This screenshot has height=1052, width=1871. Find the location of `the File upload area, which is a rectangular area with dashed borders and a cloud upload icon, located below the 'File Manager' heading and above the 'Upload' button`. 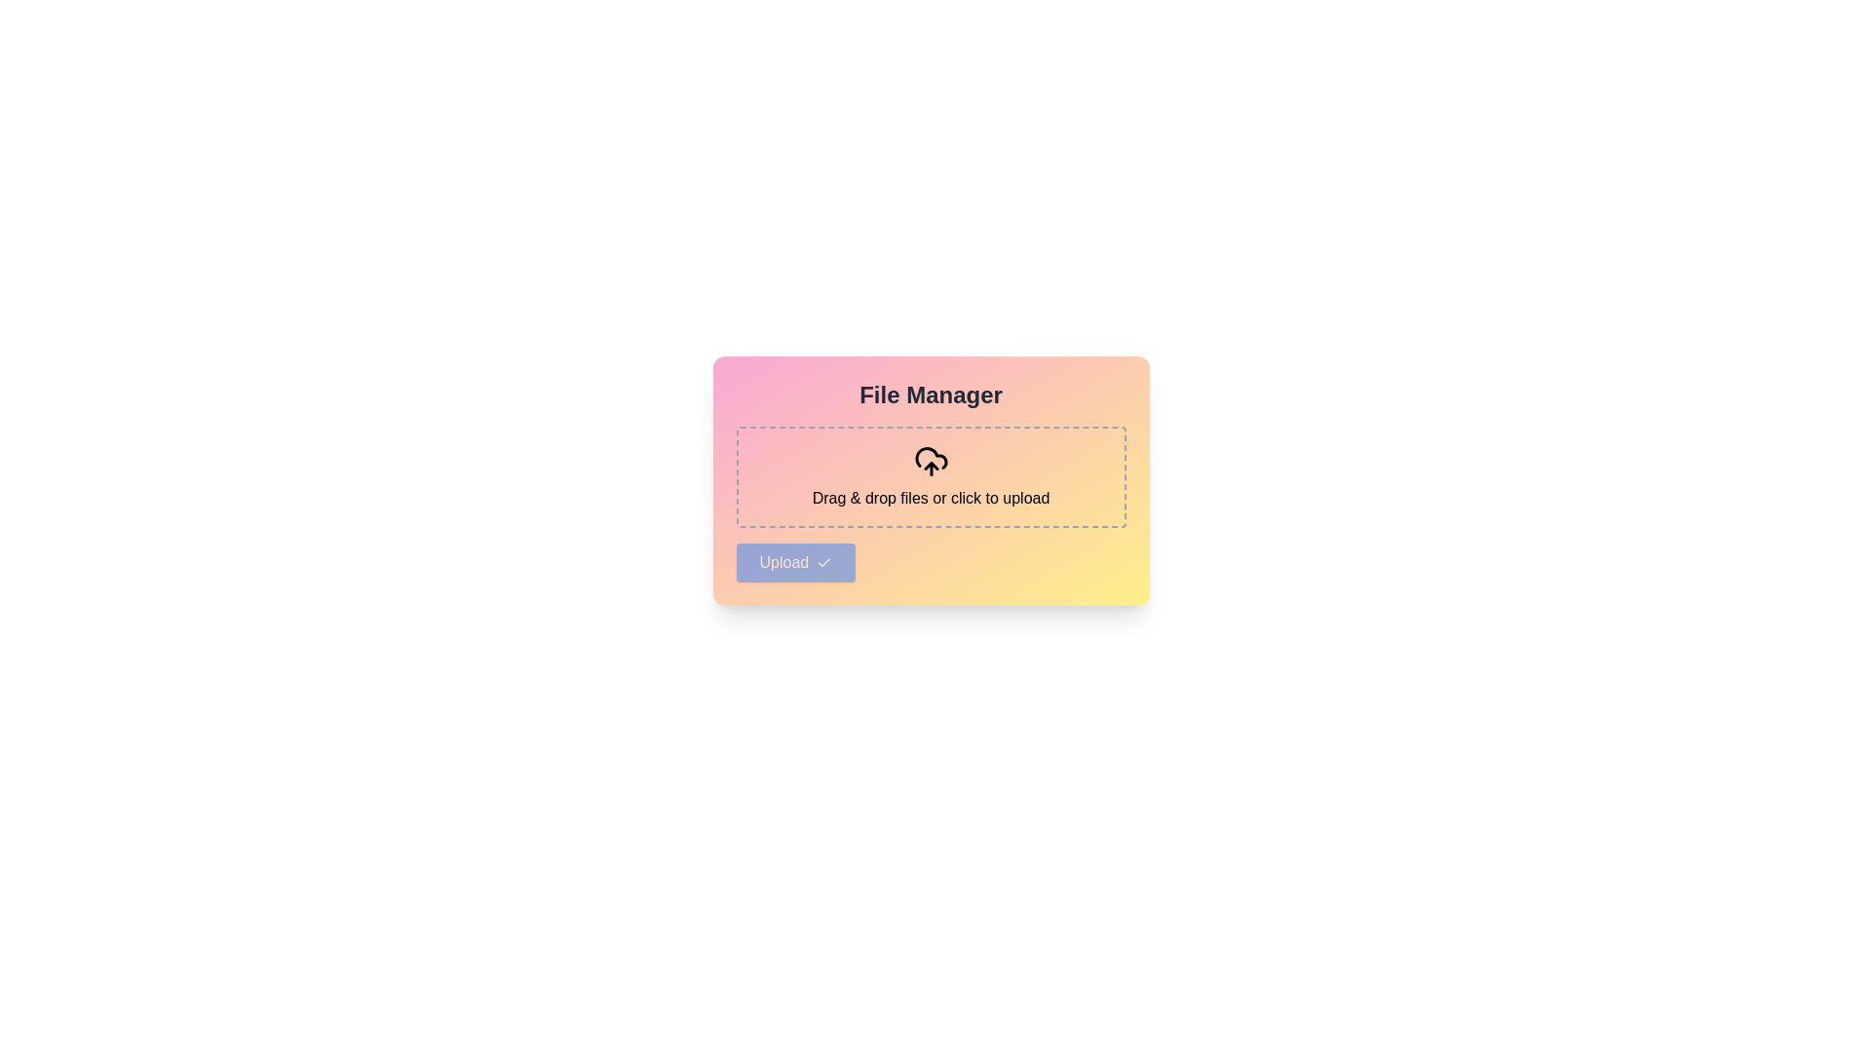

the File upload area, which is a rectangular area with dashed borders and a cloud upload icon, located below the 'File Manager' heading and above the 'Upload' button is located at coordinates (930, 476).